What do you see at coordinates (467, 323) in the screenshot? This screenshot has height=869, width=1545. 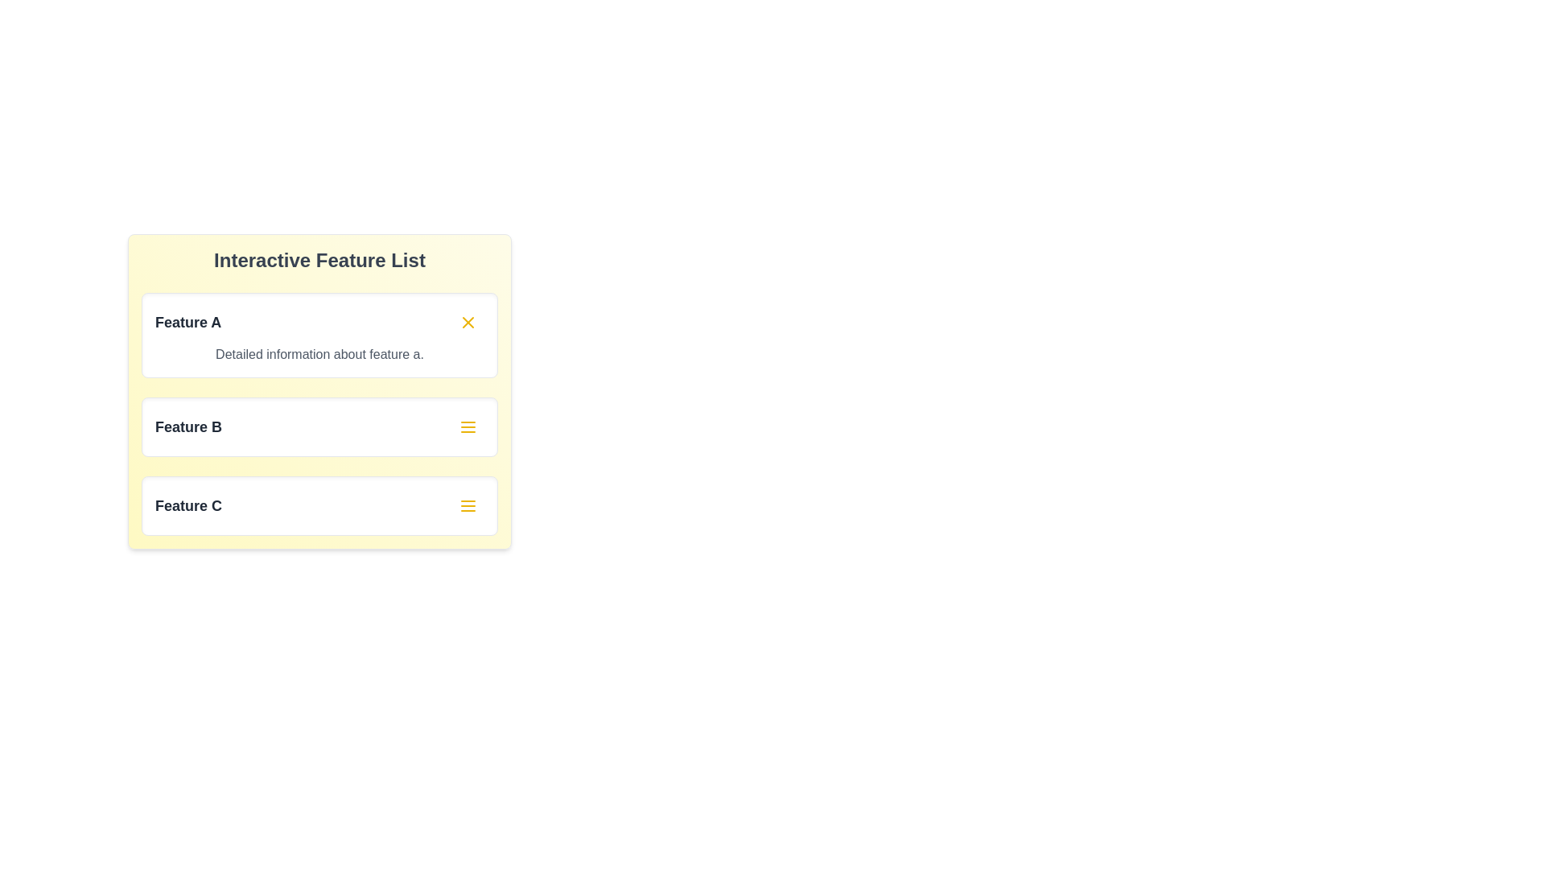 I see `the close button of the expanded card to collapse it` at bounding box center [467, 323].